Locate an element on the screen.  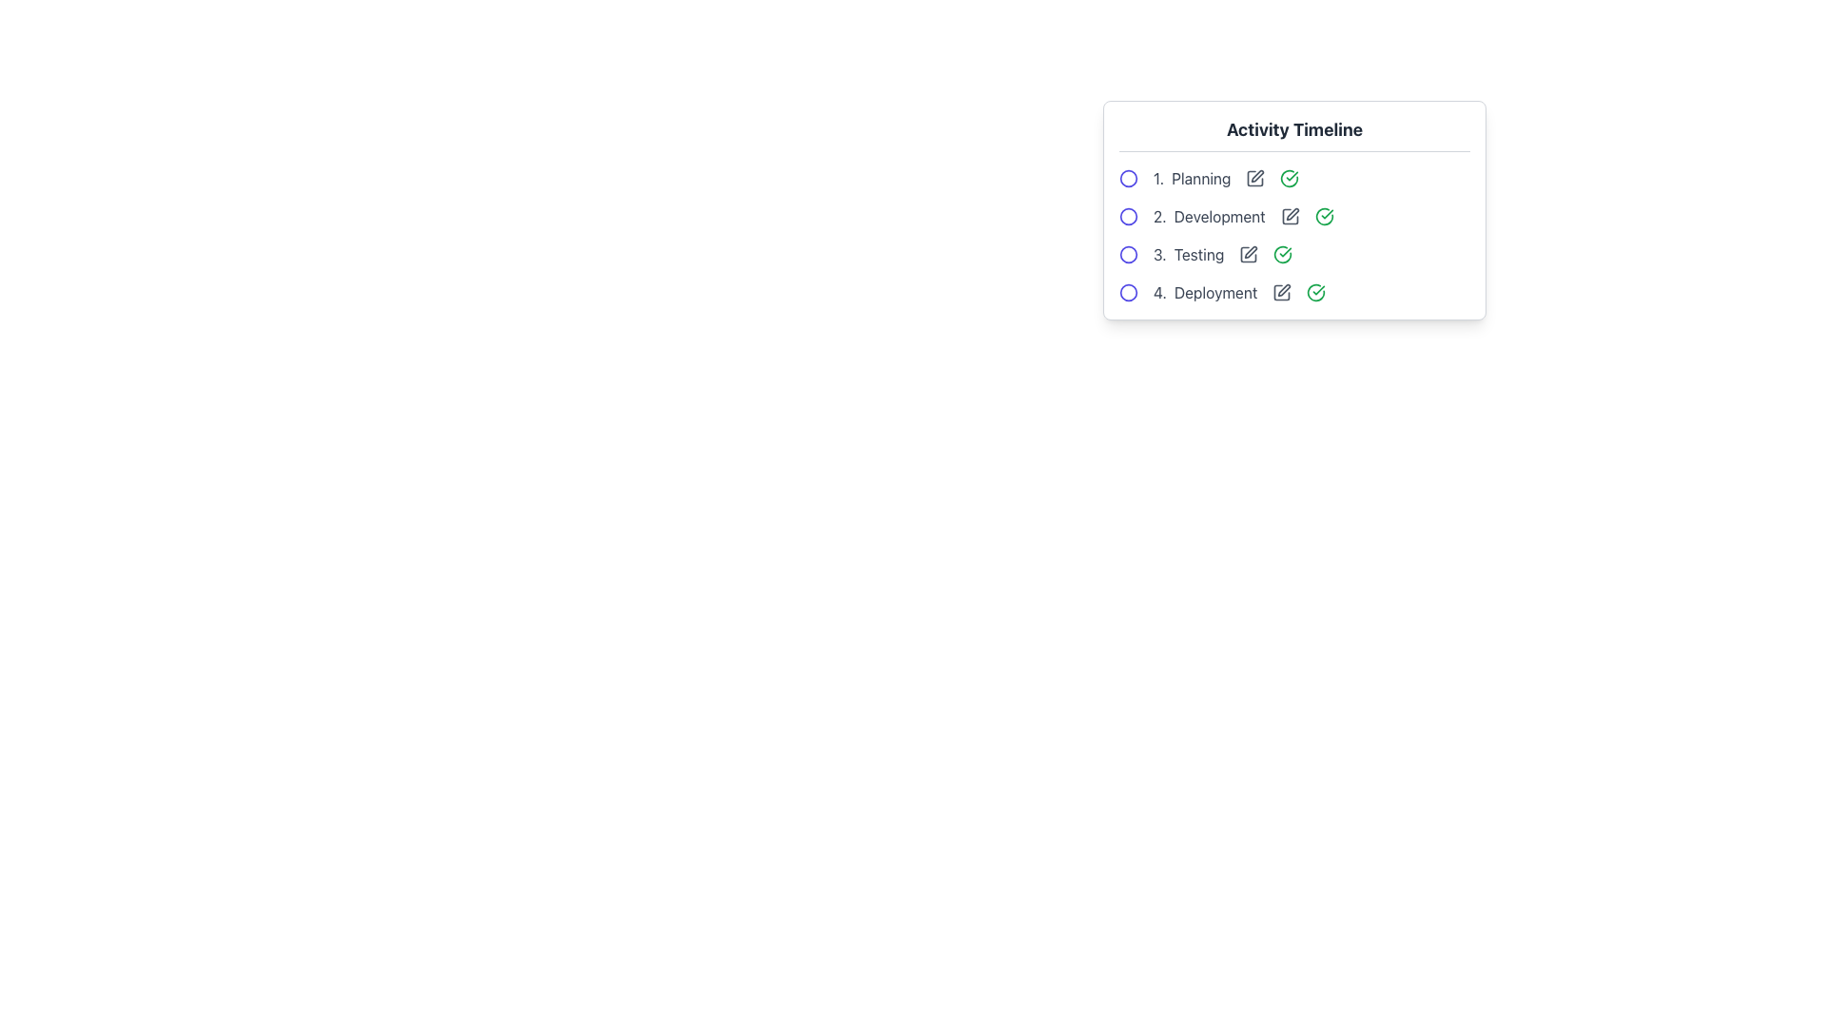
the 'Edit' button icon located in the row labeled '4. Deployment' in the activity timeline table is located at coordinates (1282, 293).